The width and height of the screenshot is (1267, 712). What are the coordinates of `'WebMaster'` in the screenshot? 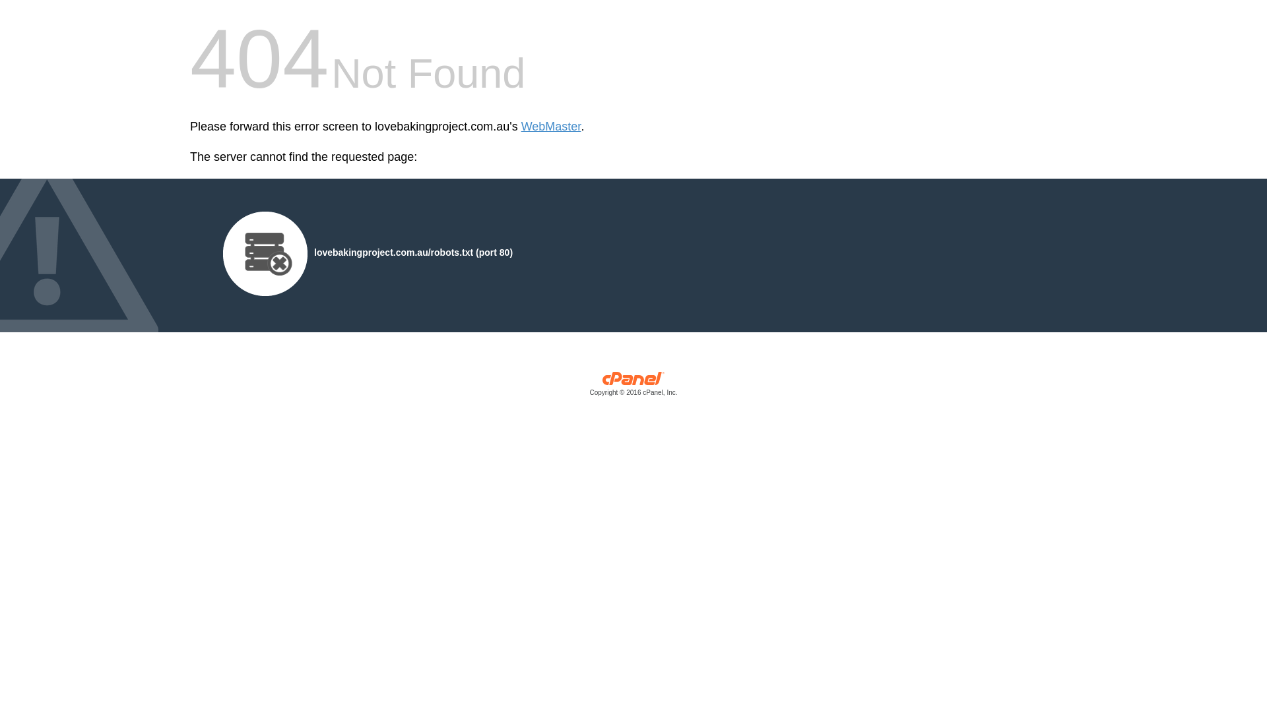 It's located at (551, 127).